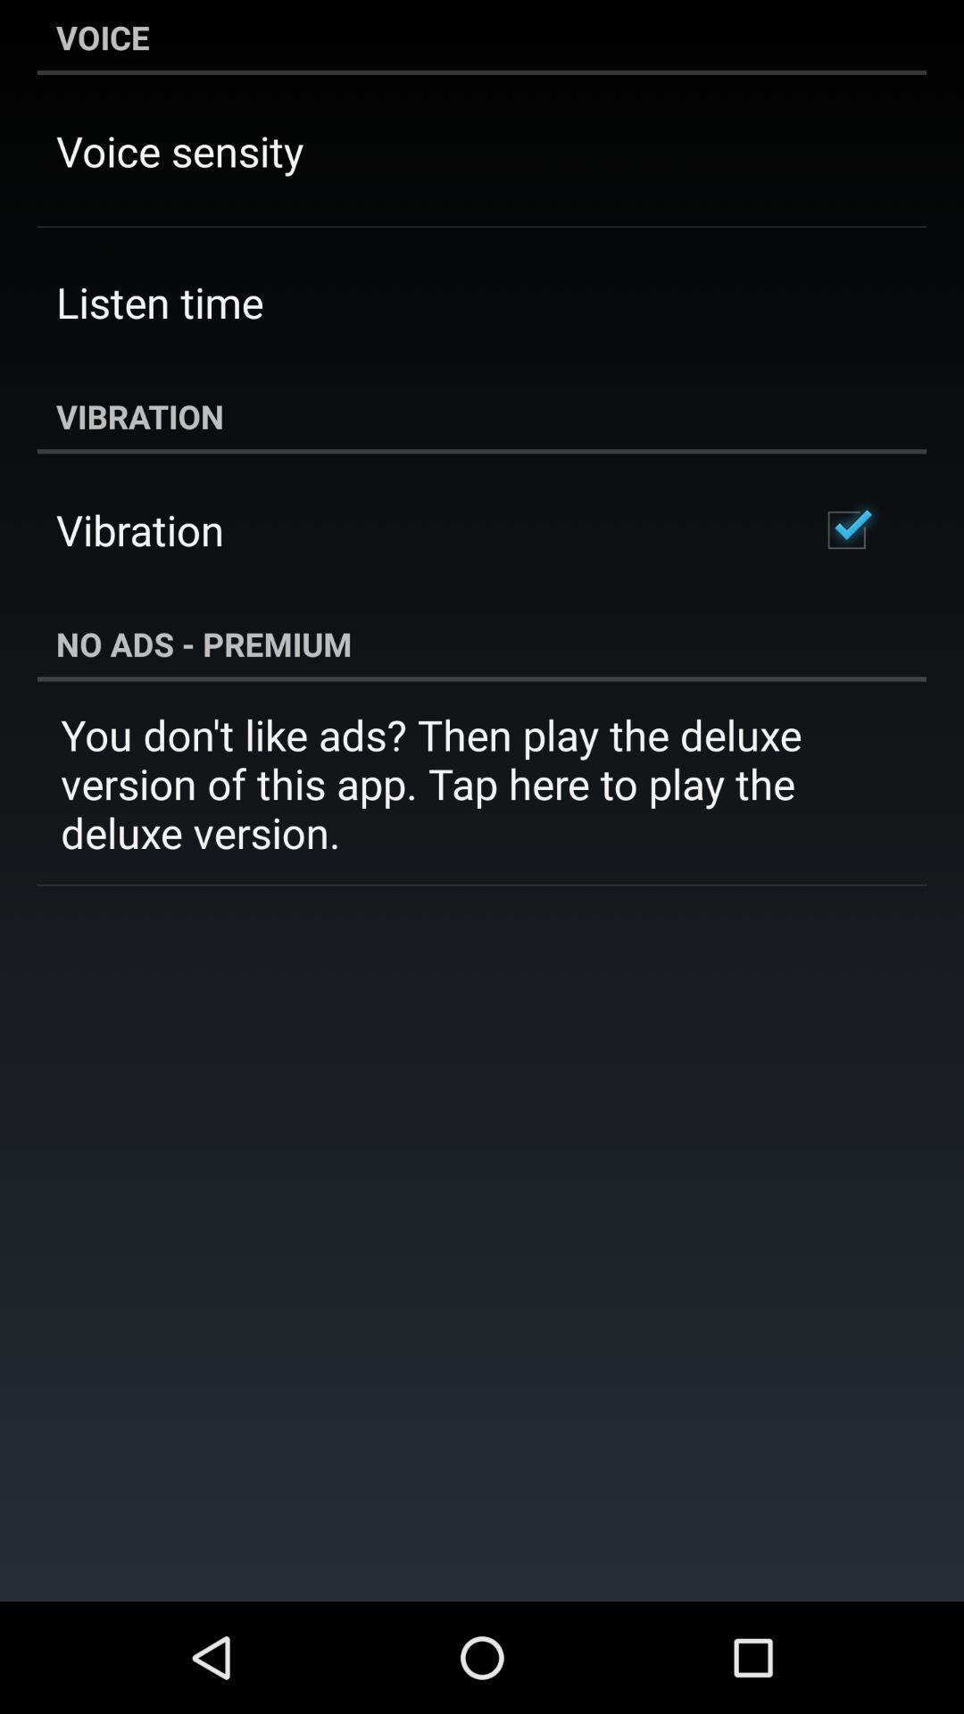  I want to click on listen time app, so click(159, 302).